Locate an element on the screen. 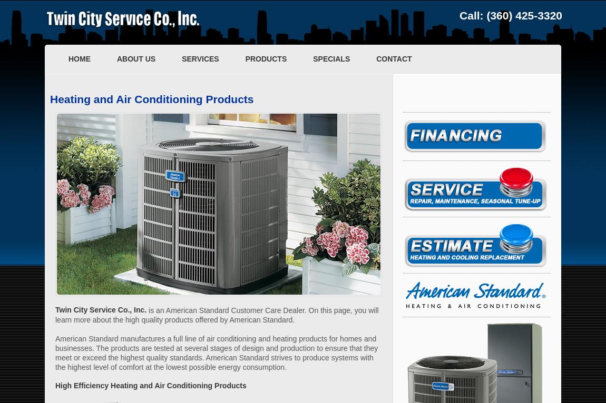  'is an American Standard Customer Care Dealer. On this page, you will learn more about the high quality products offered by American Standard.' is located at coordinates (54, 315).